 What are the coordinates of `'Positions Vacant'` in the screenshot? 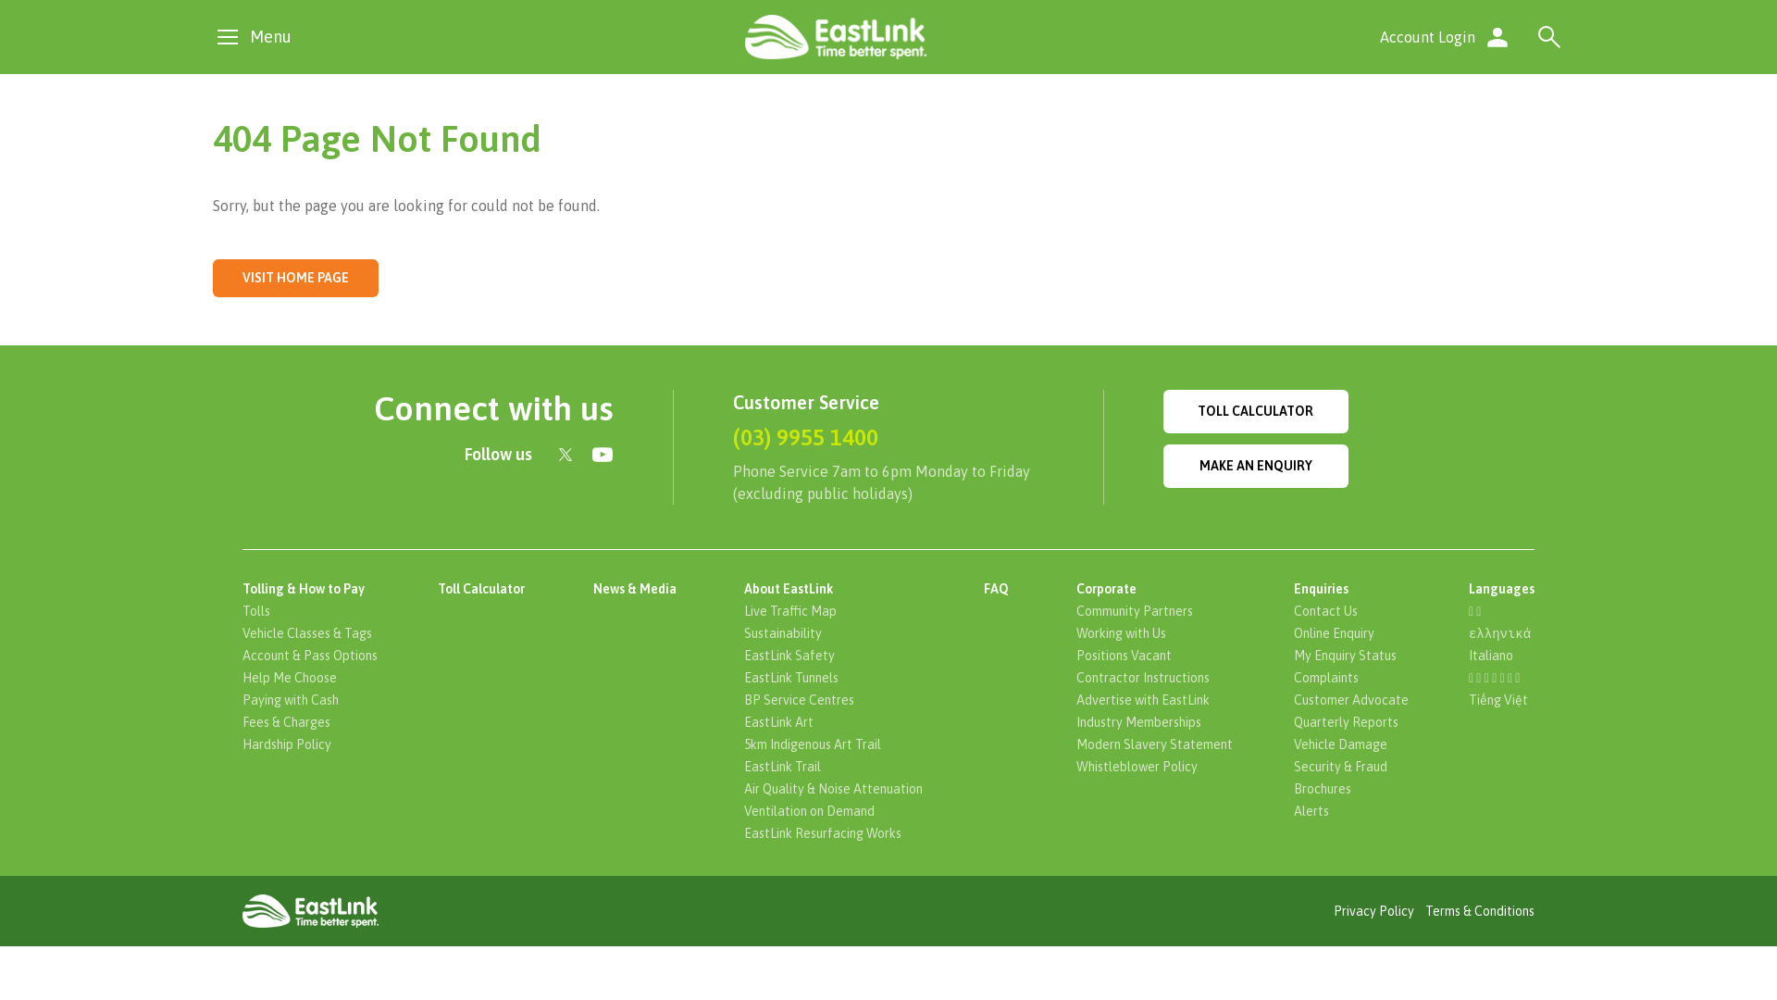 It's located at (1075, 655).